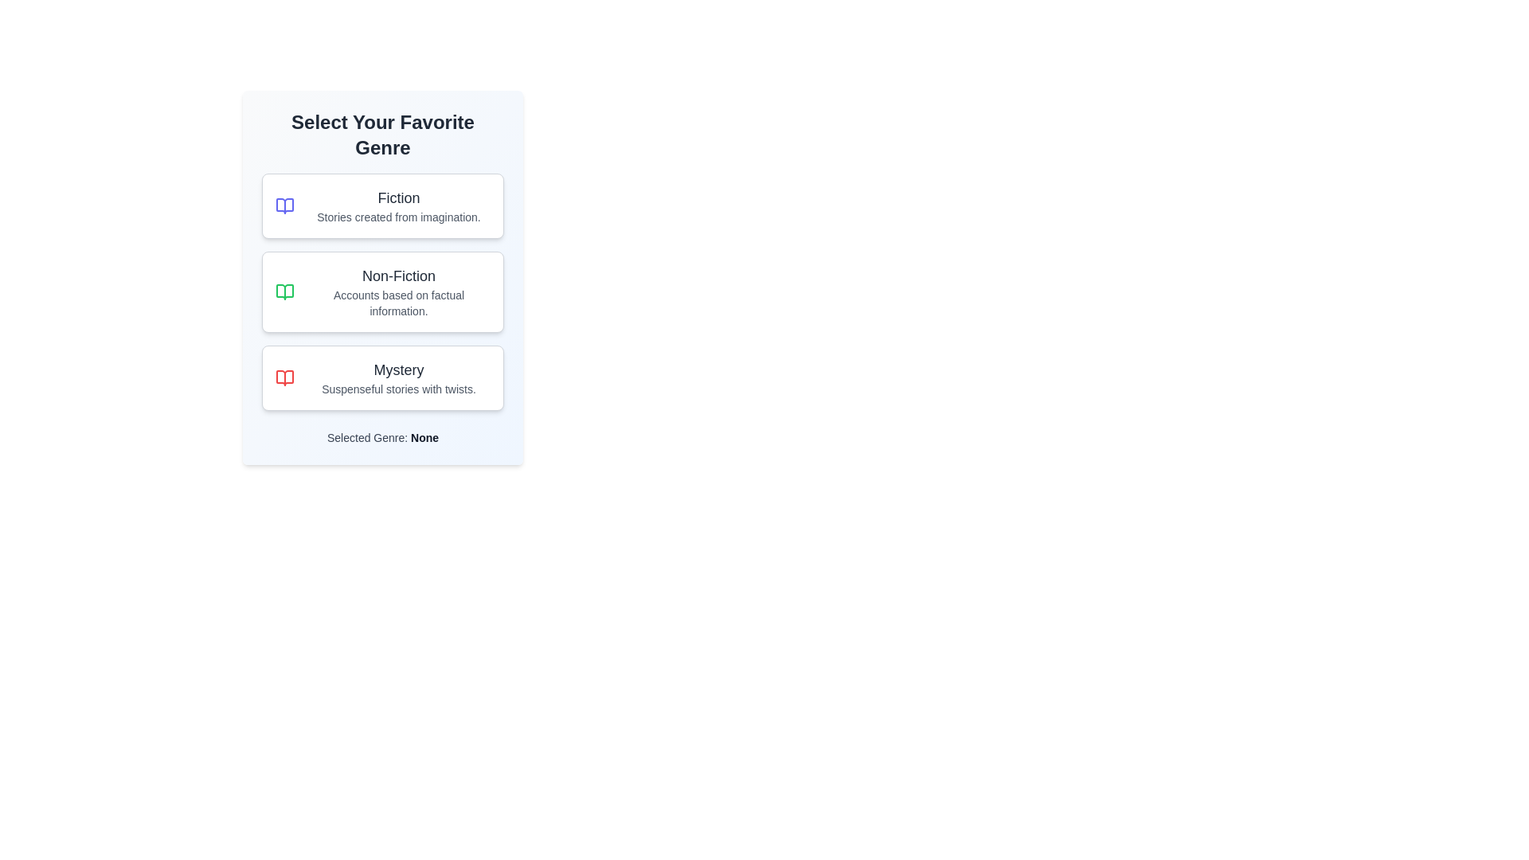 This screenshot has width=1529, height=860. I want to click on the 'Mystery' selectable card, which is the third card in a vertical list, so click(382, 377).